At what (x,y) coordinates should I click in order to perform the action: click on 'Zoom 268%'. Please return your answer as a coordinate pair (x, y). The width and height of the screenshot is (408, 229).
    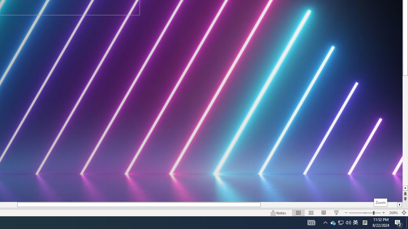
    Looking at the image, I should click on (393, 213).